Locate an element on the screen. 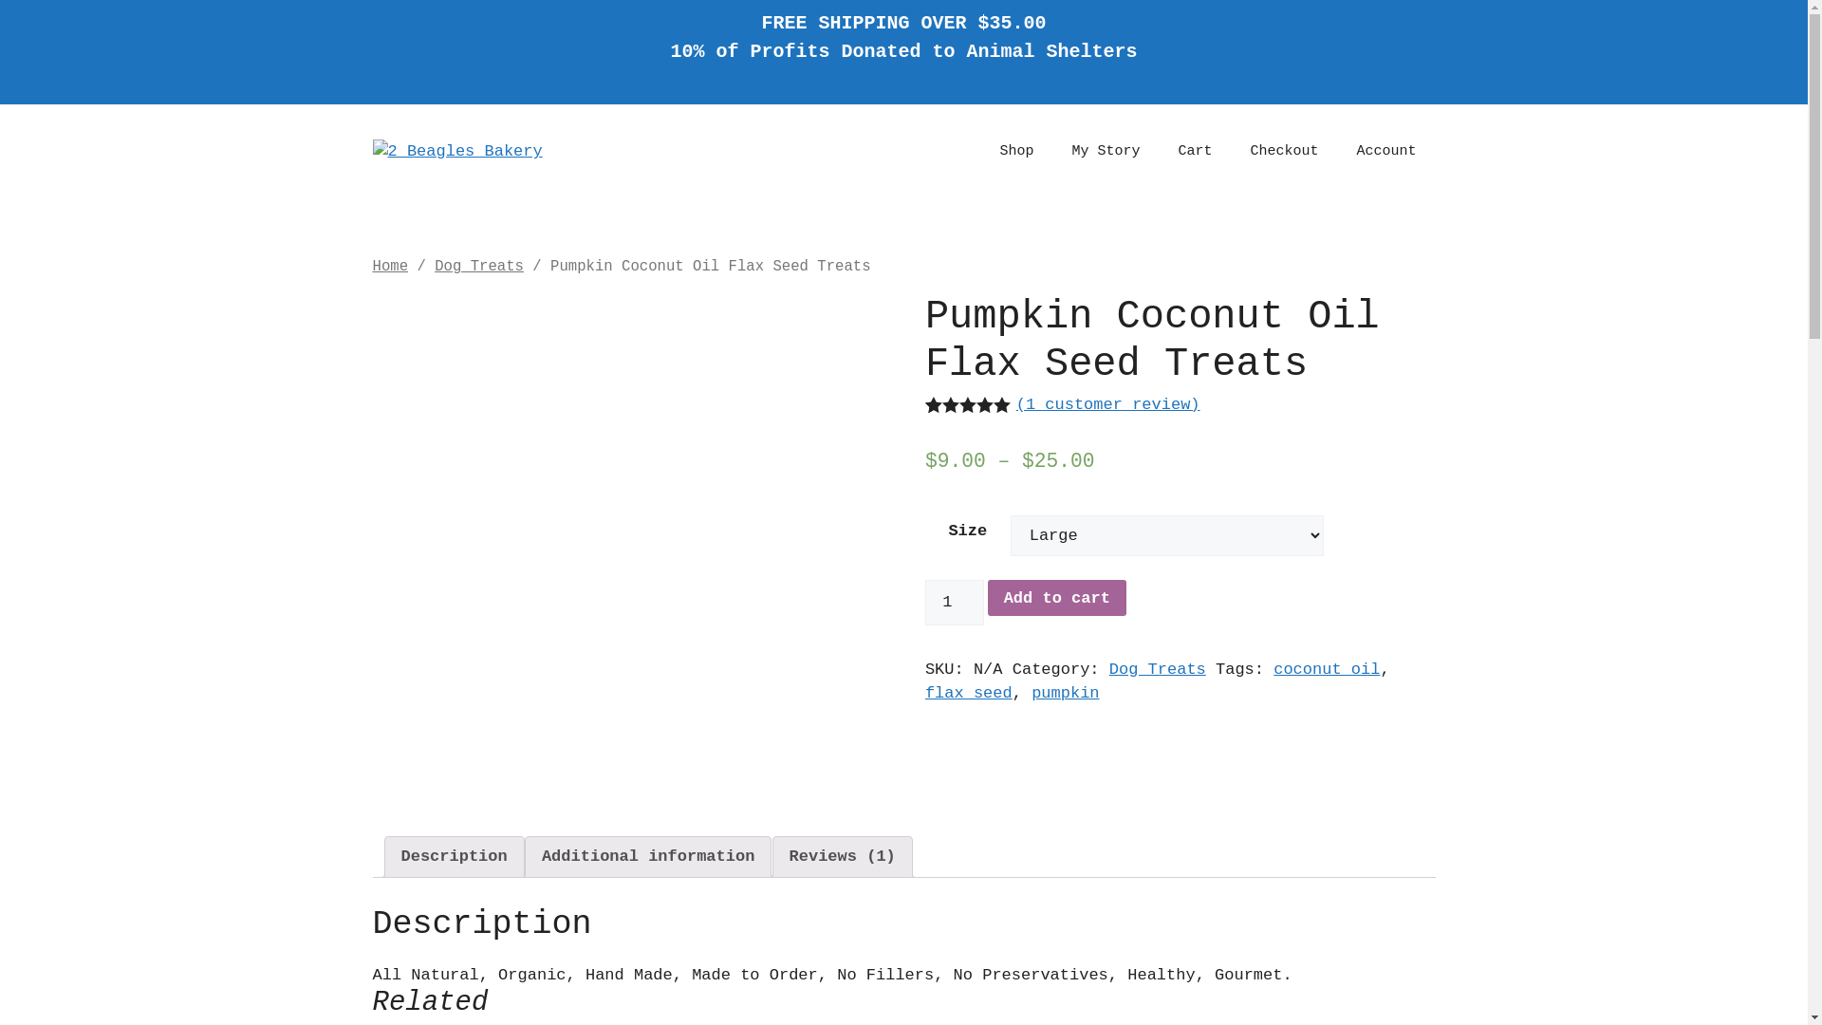 The image size is (1822, 1025). 'flax seed' is located at coordinates (969, 693).